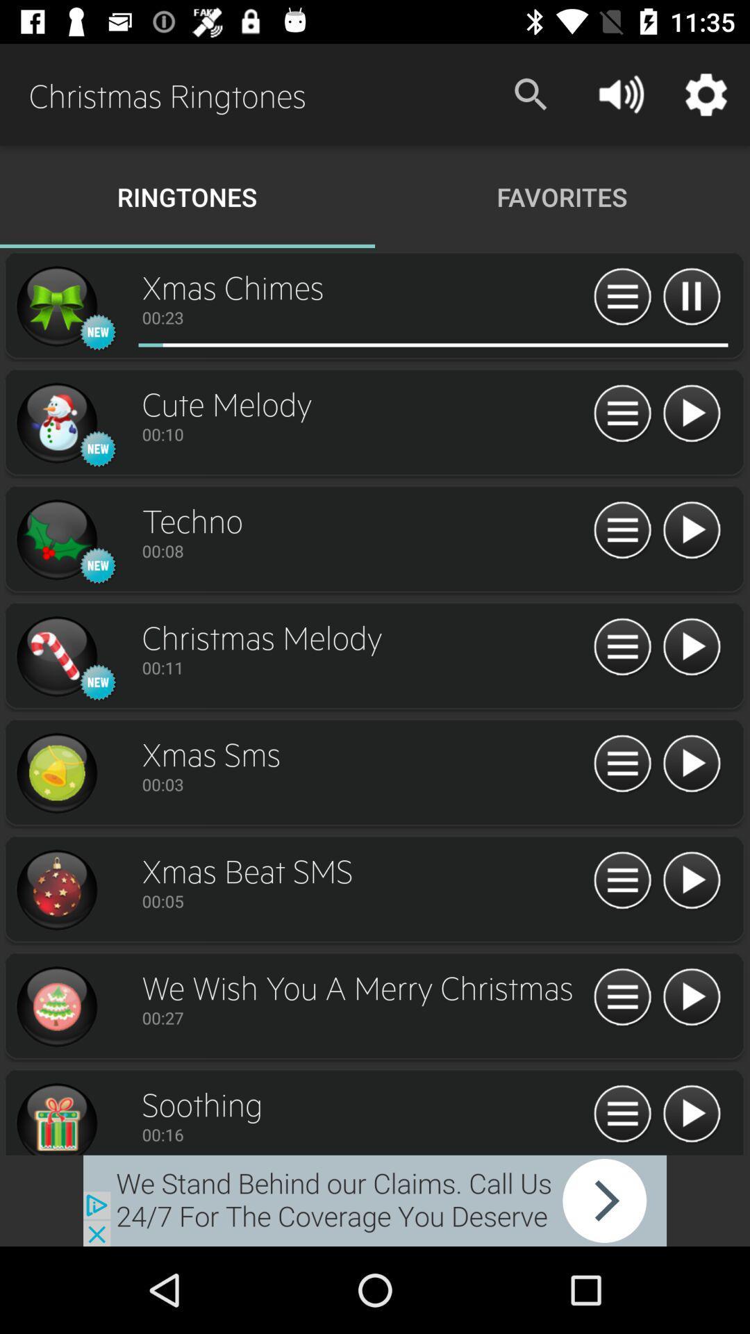 This screenshot has height=1334, width=750. Describe the element at coordinates (622, 530) in the screenshot. I see `techno ringtone more options like sending or to delete` at that location.